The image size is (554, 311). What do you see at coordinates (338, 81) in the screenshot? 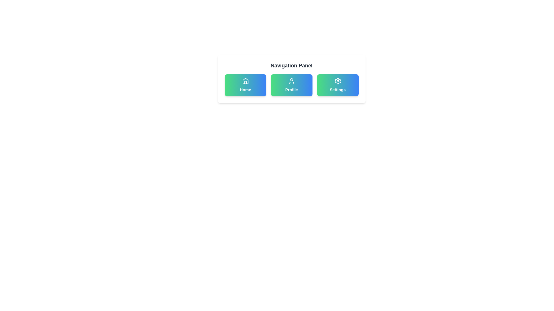
I see `the 'Settings' icon located at the top of the 'Settings' button in the navigation panel` at bounding box center [338, 81].